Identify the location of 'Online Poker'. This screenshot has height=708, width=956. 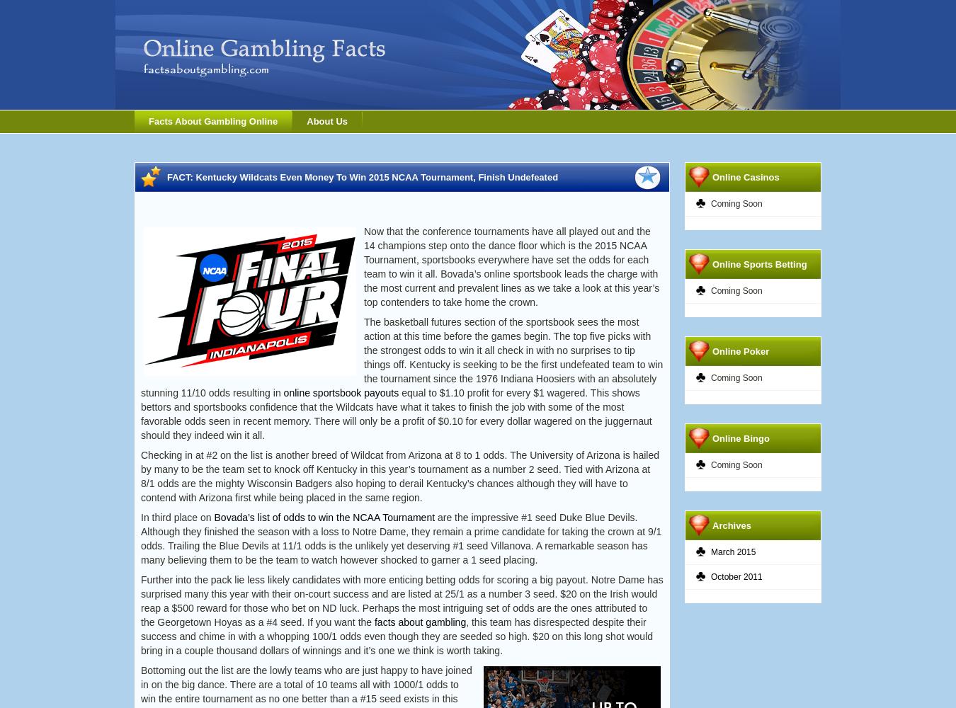
(740, 350).